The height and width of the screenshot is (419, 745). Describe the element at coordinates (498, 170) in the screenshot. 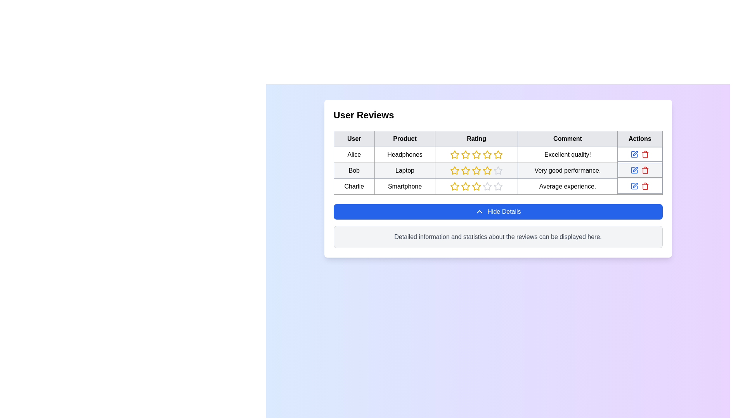

I see `the fourth star icon under the 'Rating' column to provide a rating for the product 'Laptop' reviewed by 'Bob'` at that location.